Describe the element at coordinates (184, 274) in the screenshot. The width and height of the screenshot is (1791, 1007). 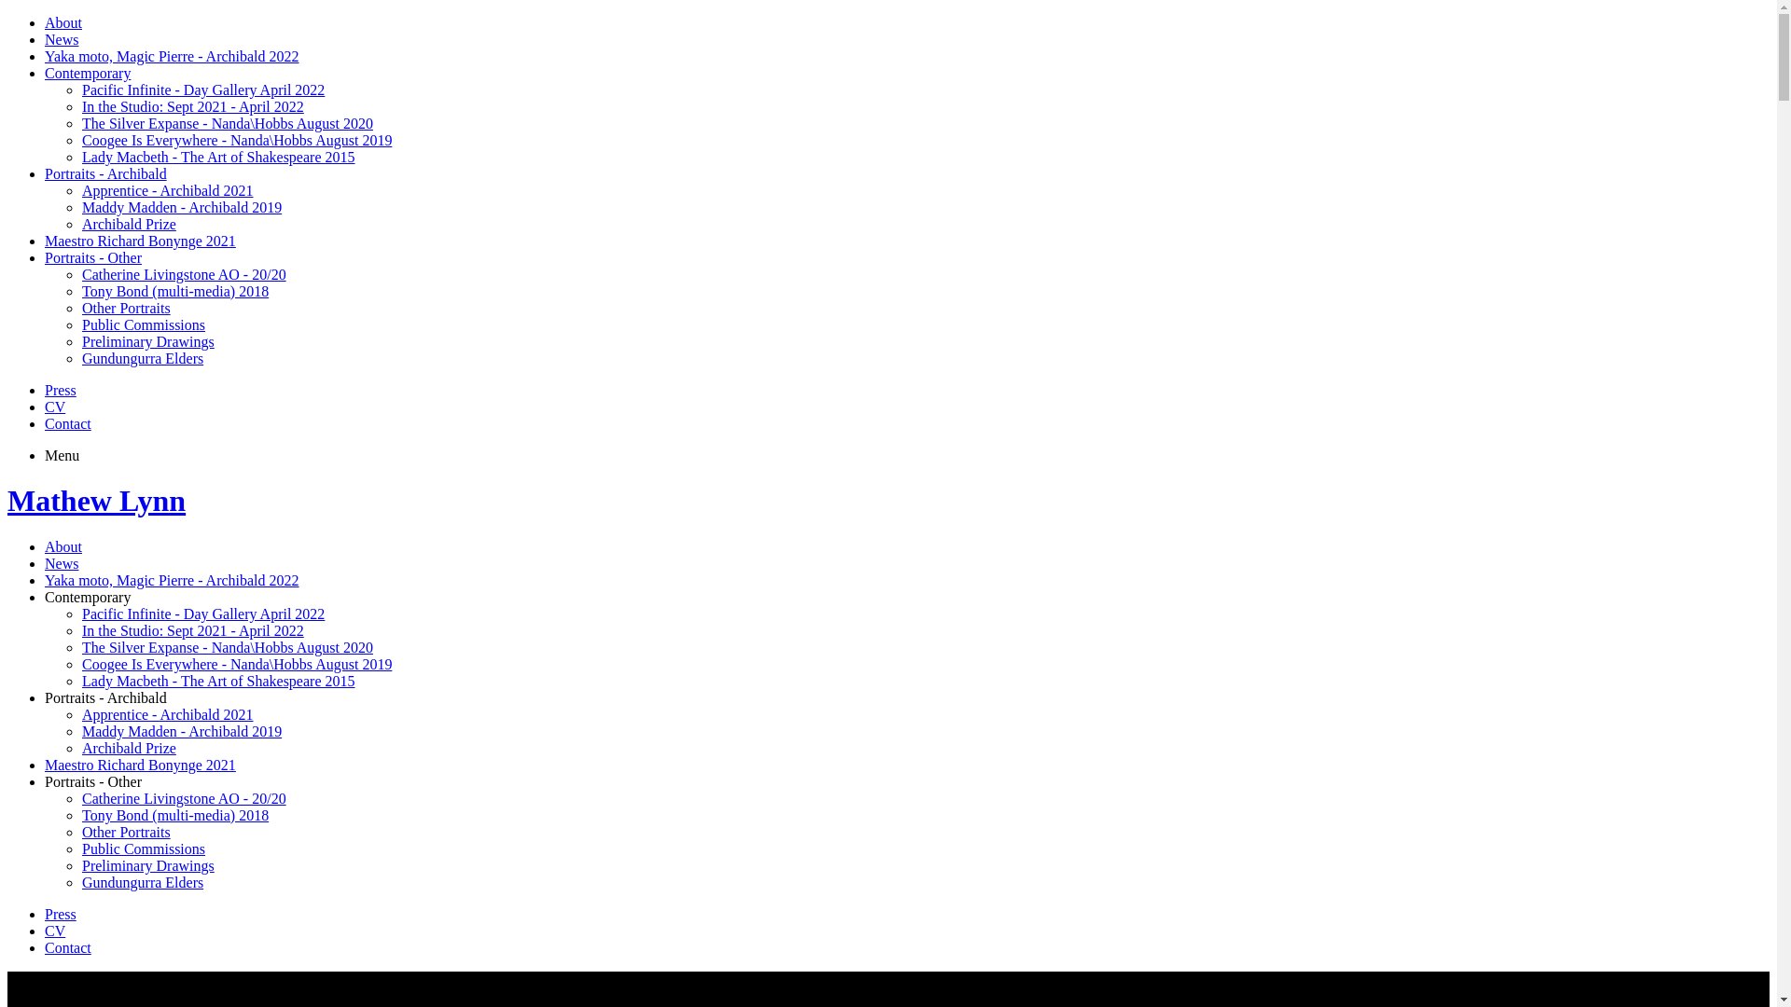
I see `'Catherine Livingstone AO - 20/20'` at that location.